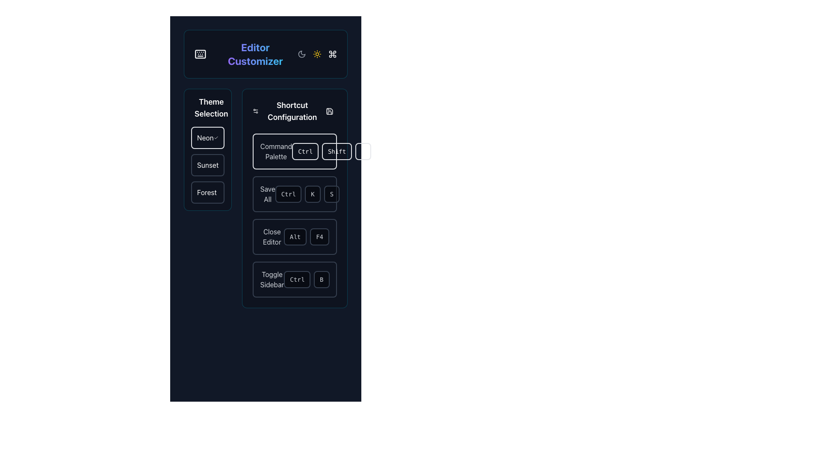  Describe the element at coordinates (207, 137) in the screenshot. I see `the 'Neon' theme option` at that location.